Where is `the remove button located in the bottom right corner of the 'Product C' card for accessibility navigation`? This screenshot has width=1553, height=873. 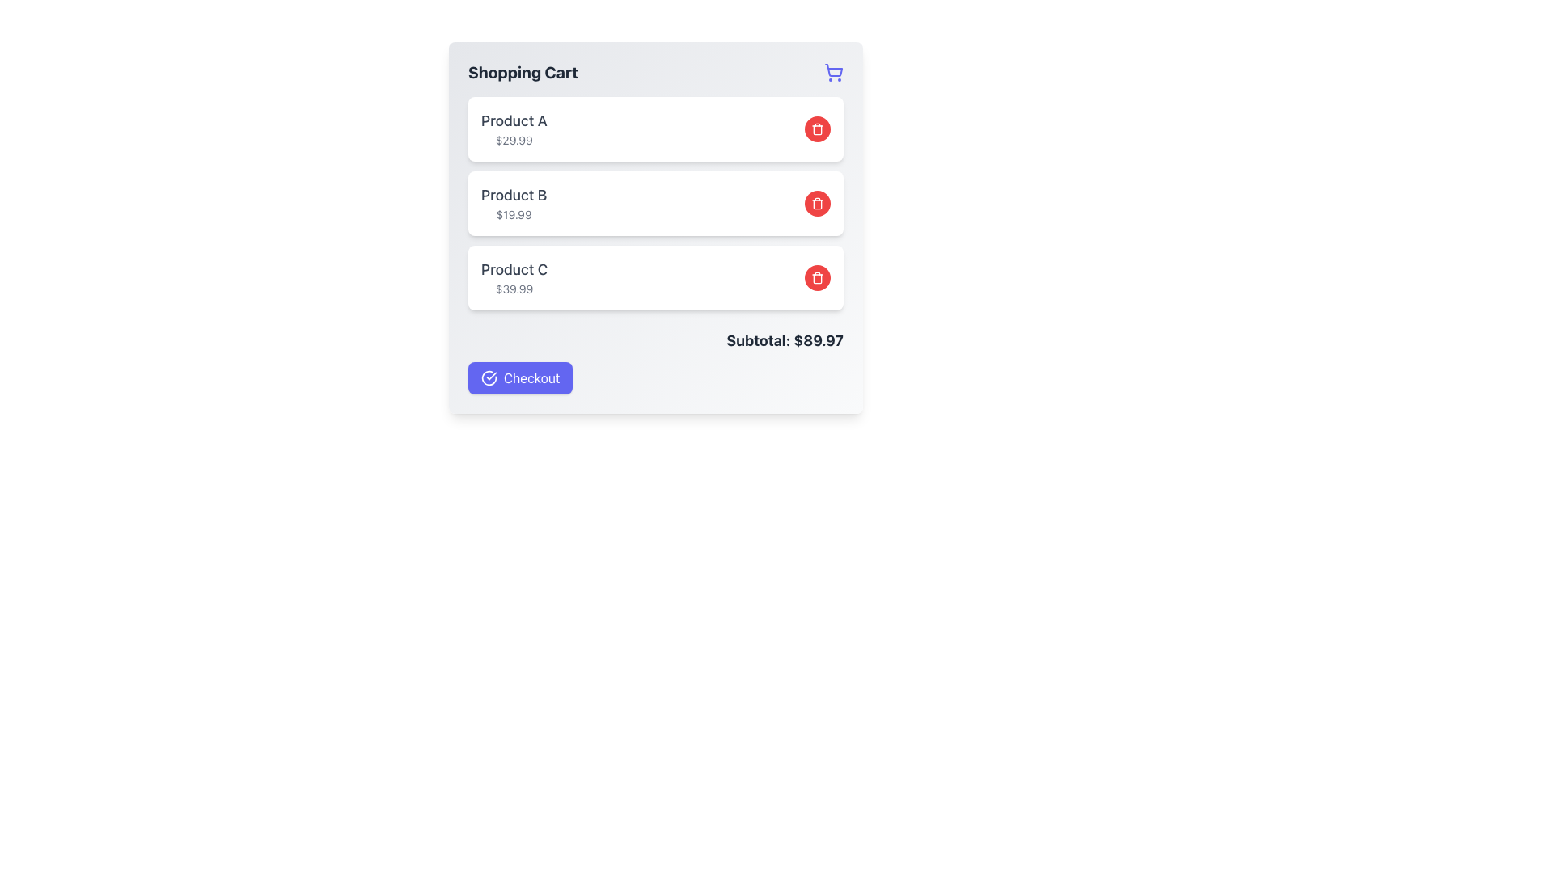 the remove button located in the bottom right corner of the 'Product C' card for accessibility navigation is located at coordinates (818, 276).